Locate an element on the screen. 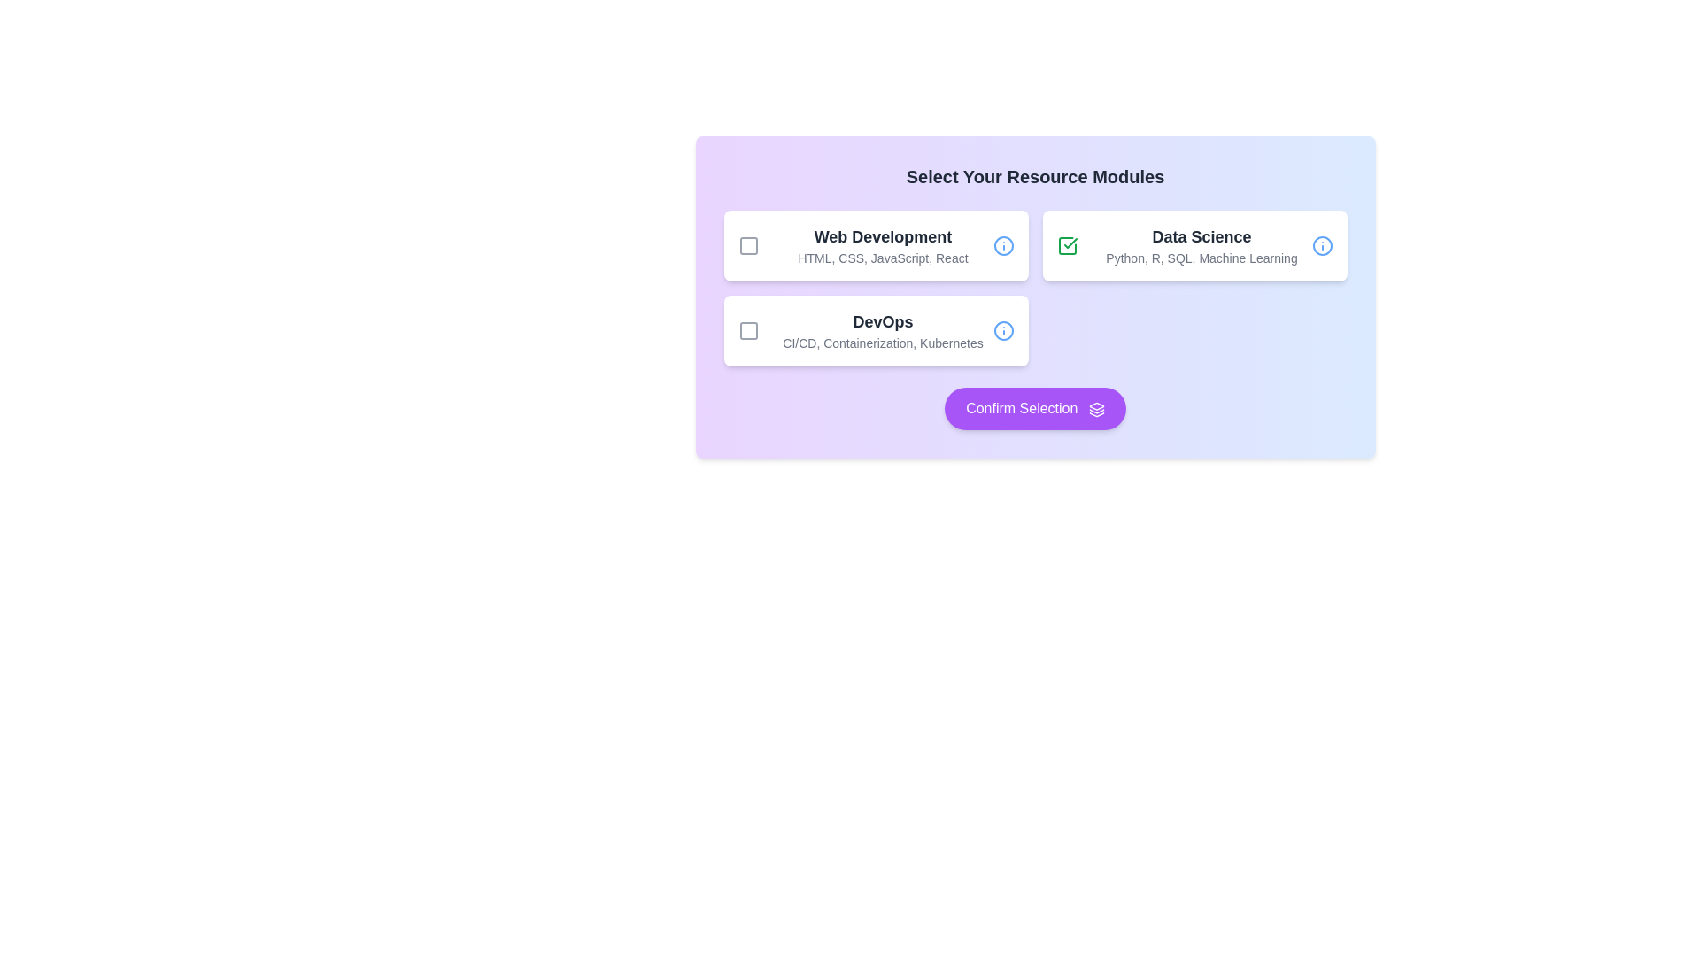 The height and width of the screenshot is (956, 1700). text label displaying 'HTML, CSS, JavaScript, React' that is styled in gray and positioned underneath the title 'Web Development' is located at coordinates (883, 258).